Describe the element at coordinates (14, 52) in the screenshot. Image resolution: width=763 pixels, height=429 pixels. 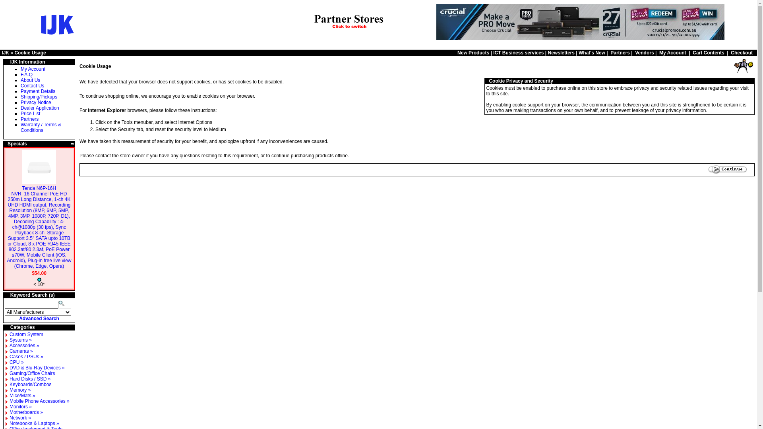
I see `'Cookie Usage'` at that location.